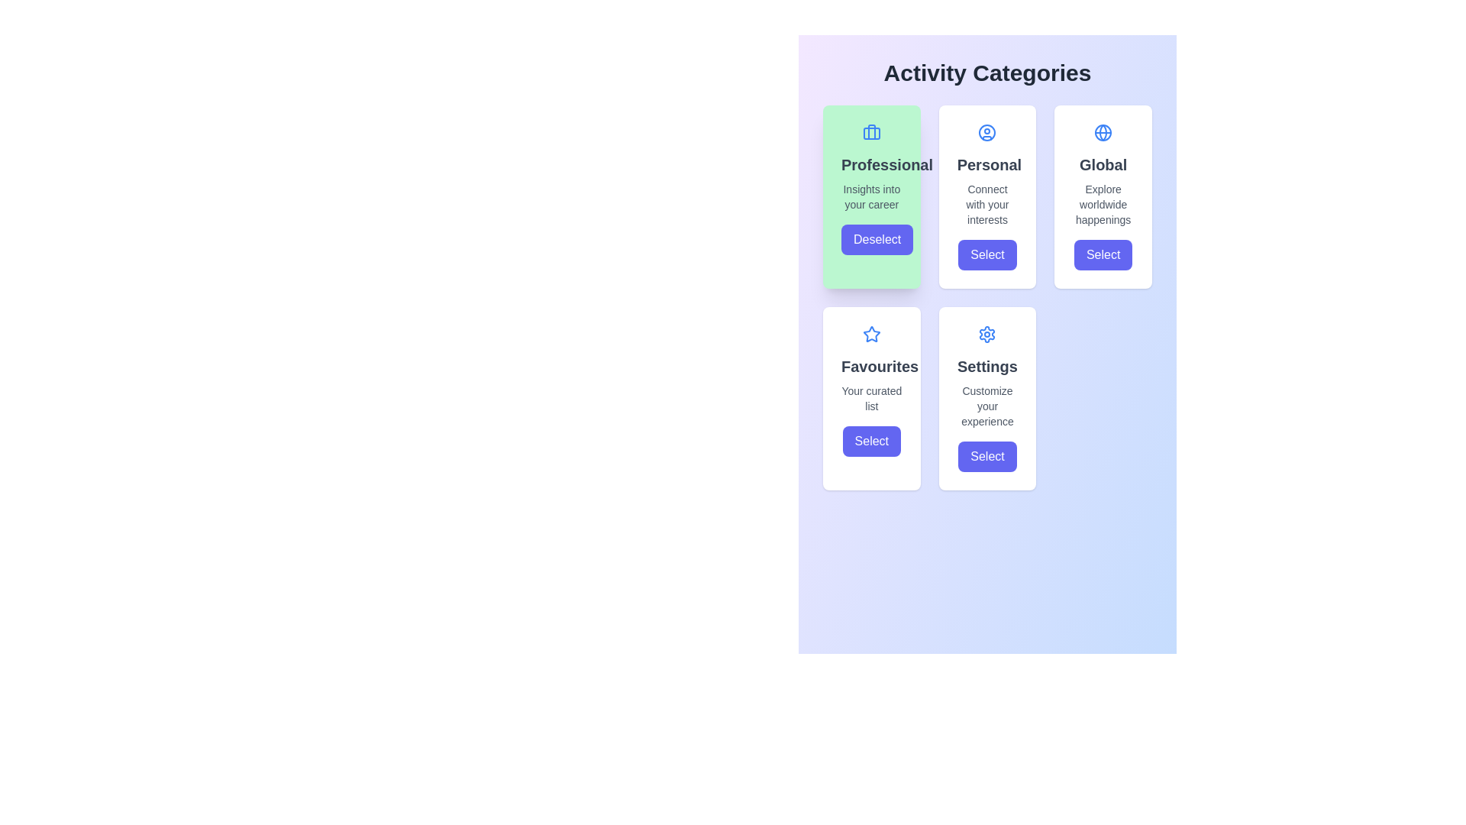 The width and height of the screenshot is (1466, 825). I want to click on the static text label displaying 'Connect with your interests', which is located below the 'Personal' heading in the second column of the grid layout, so click(987, 203).